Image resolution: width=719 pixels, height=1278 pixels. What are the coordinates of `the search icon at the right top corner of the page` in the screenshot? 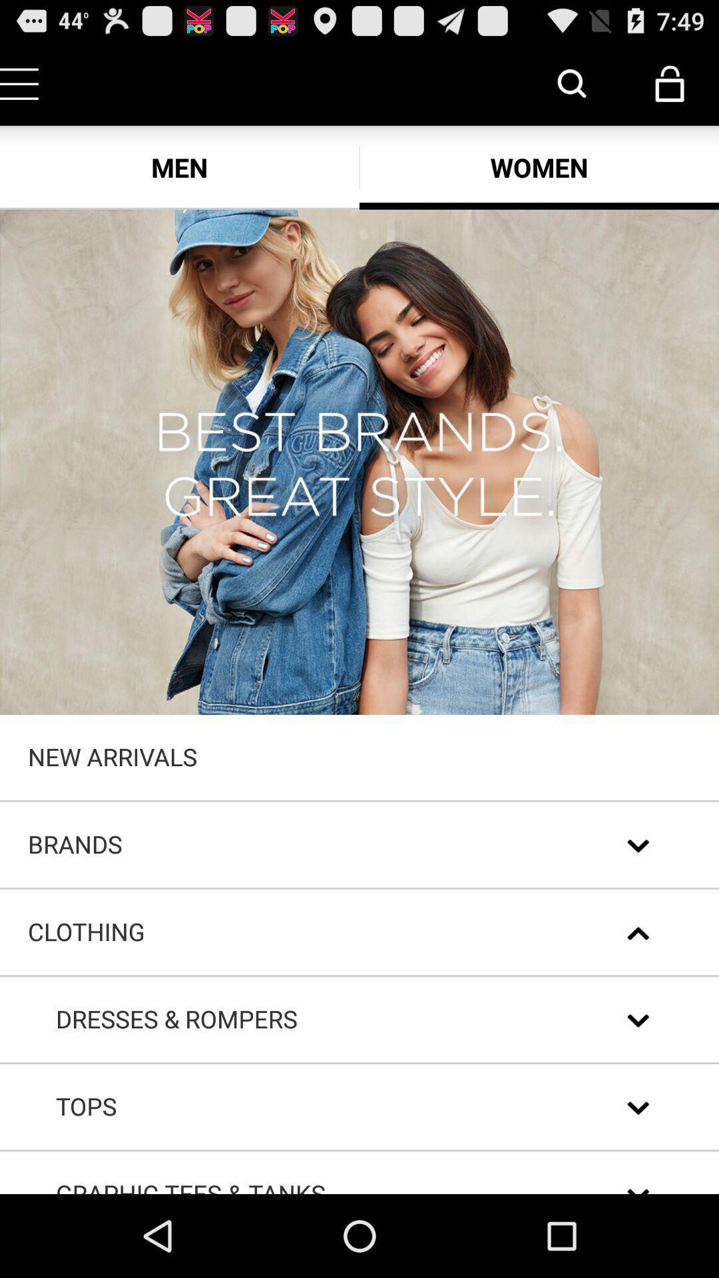 It's located at (571, 83).